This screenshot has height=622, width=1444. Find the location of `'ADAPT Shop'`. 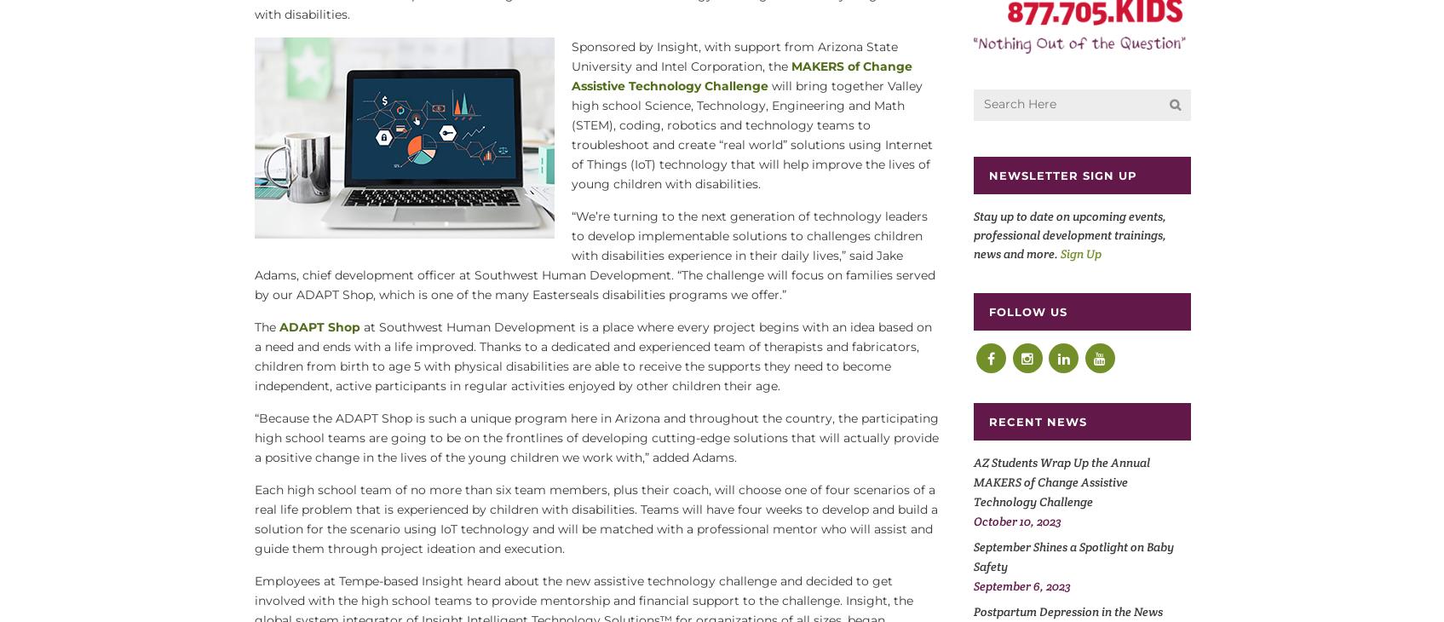

'ADAPT Shop' is located at coordinates (318, 325).